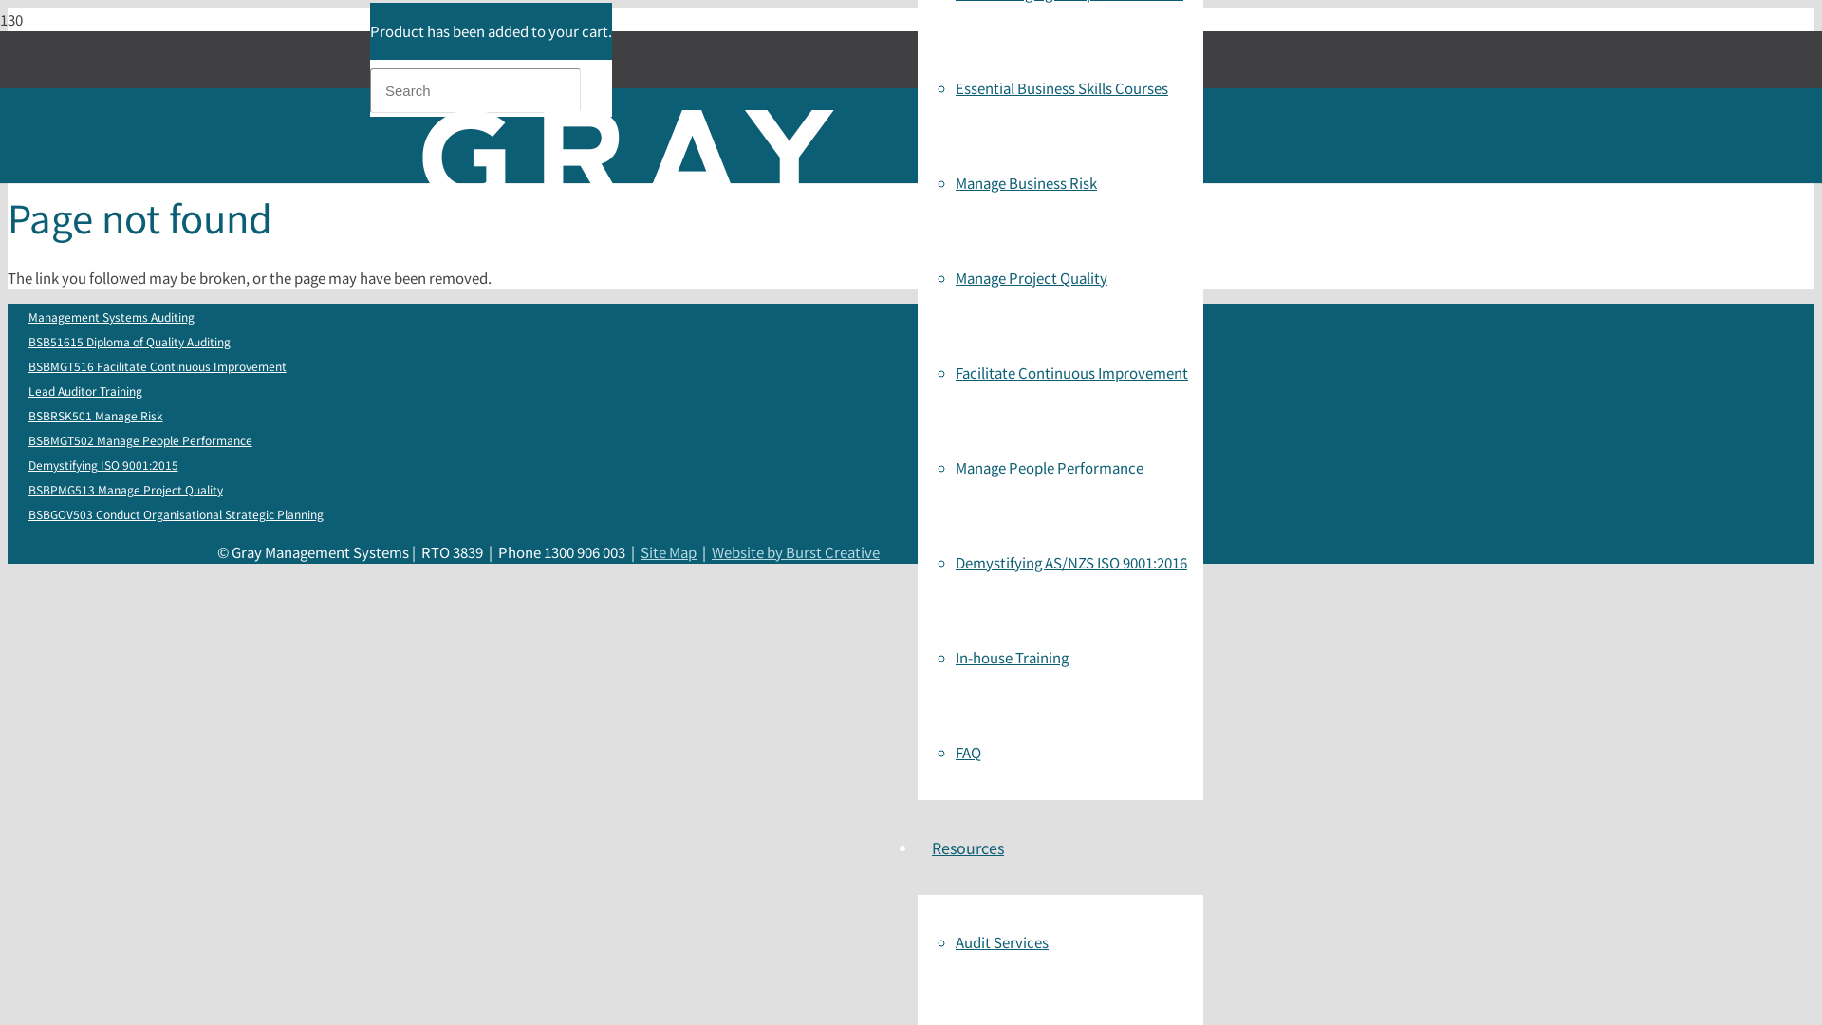  I want to click on 'BSBMGT502 Manage People Performance', so click(139, 438).